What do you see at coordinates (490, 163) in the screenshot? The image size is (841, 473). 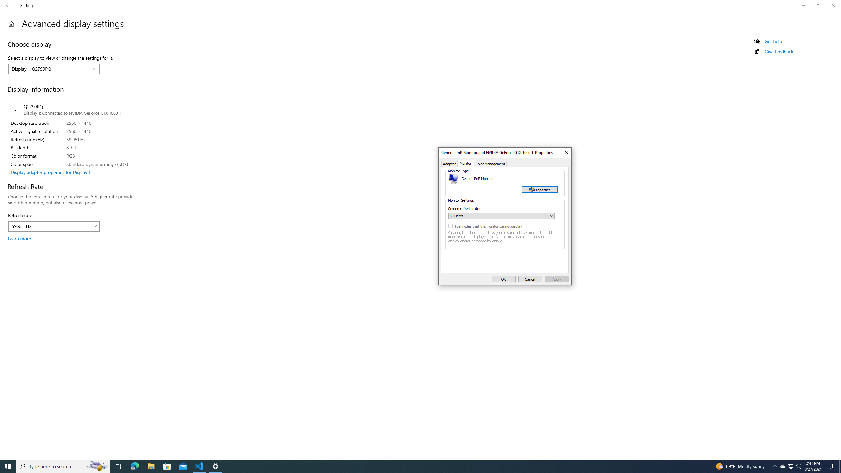 I see `'Color Management'` at bounding box center [490, 163].